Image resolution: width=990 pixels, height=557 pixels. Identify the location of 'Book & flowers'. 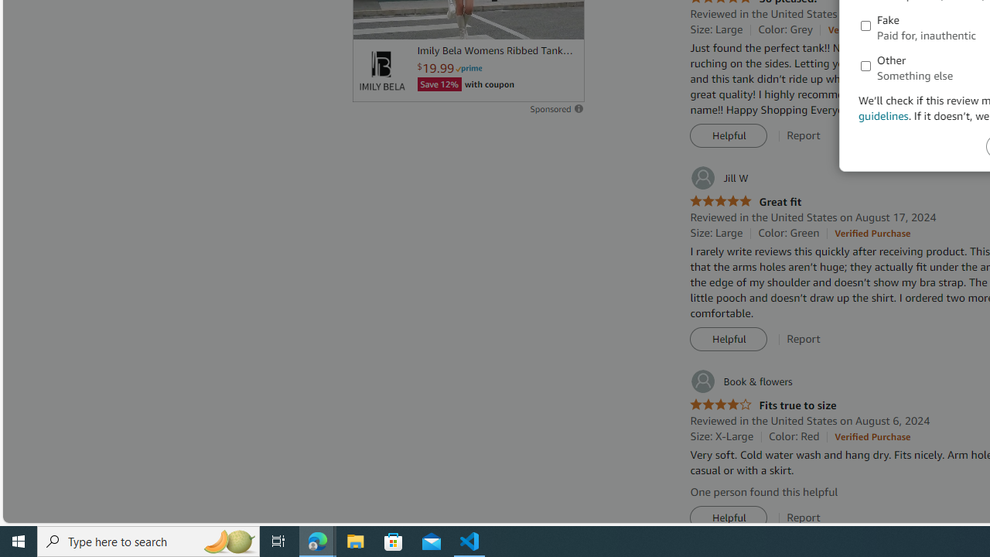
(740, 381).